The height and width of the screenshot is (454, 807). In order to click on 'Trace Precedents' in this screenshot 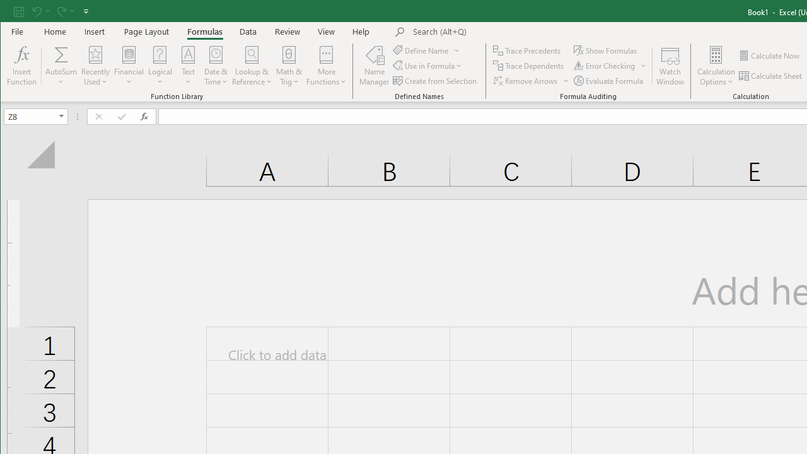, I will do `click(528, 50)`.